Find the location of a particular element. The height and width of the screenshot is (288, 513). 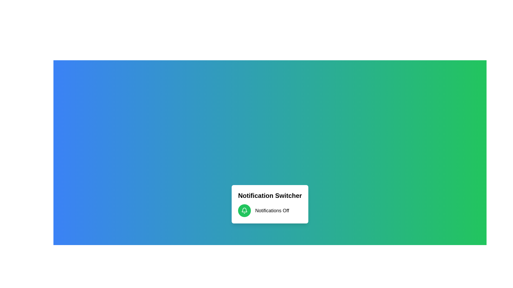

text label displaying the current state of notifications, which shows 'Off' and is located to the right of a green circular bell icon is located at coordinates (272, 210).